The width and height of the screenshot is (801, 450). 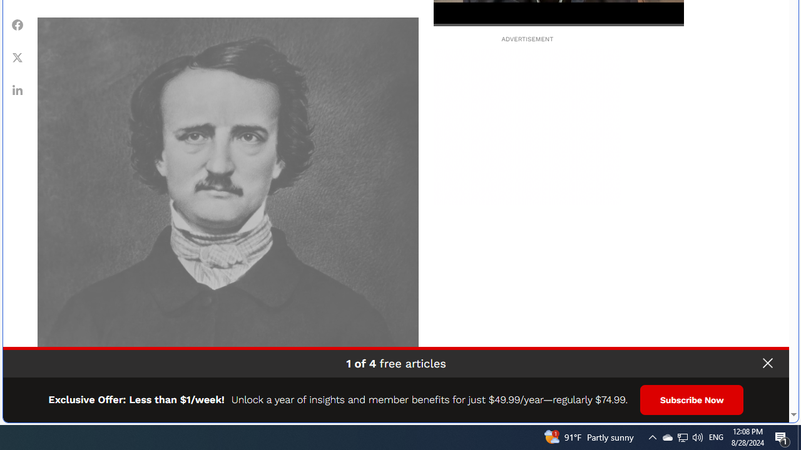 What do you see at coordinates (691, 400) in the screenshot?
I see `'Subscribe Now'` at bounding box center [691, 400].